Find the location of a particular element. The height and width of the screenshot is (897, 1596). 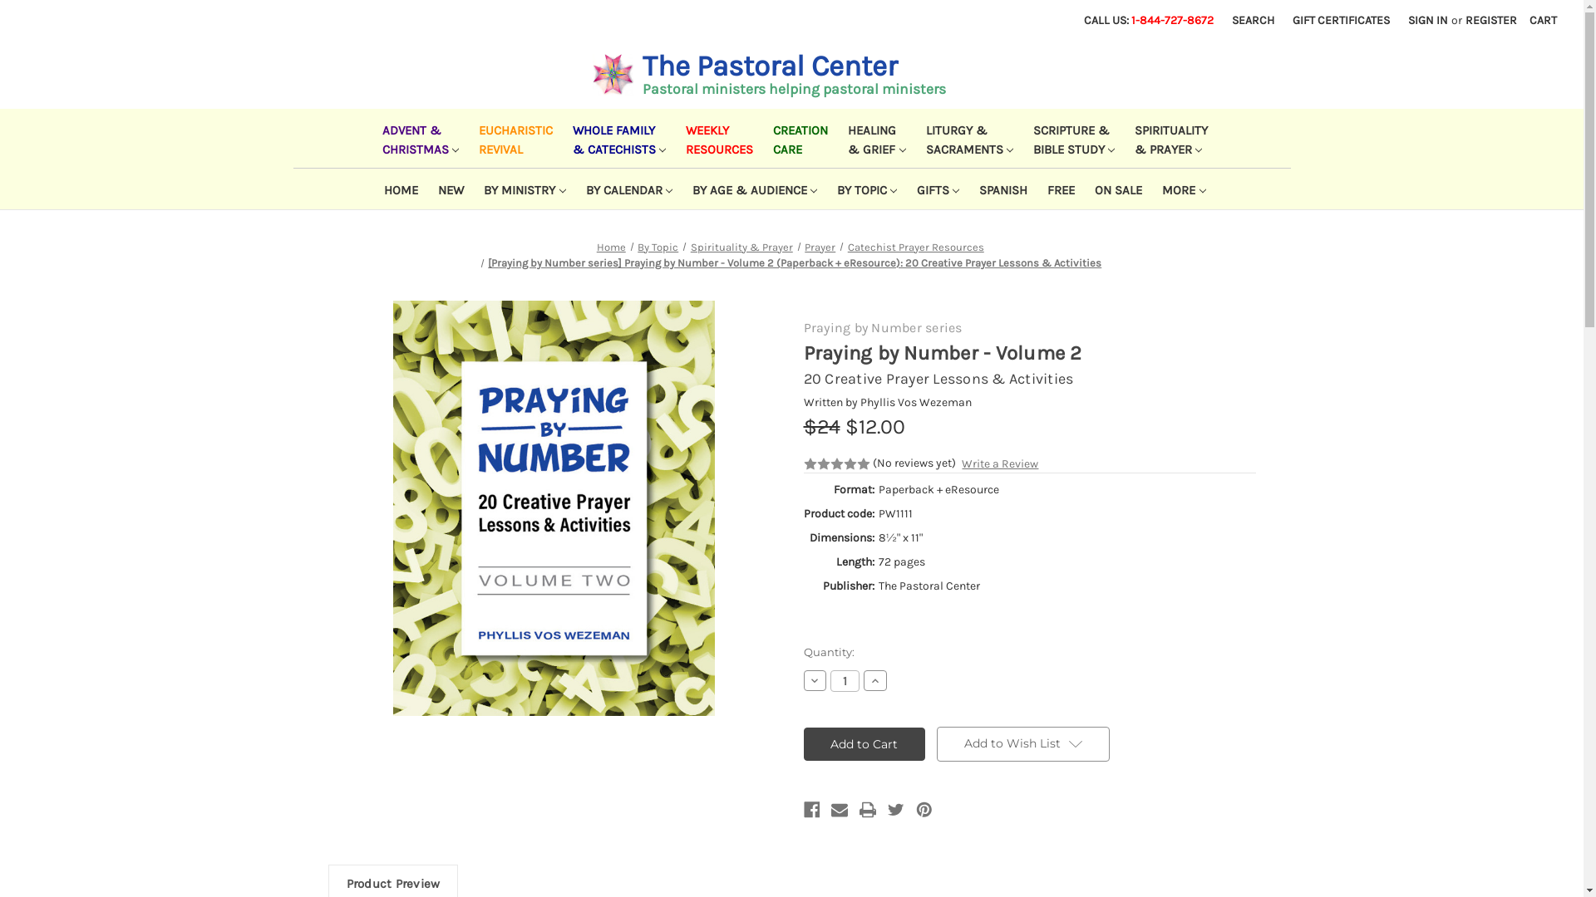

'ADVENT & is located at coordinates (417, 137).